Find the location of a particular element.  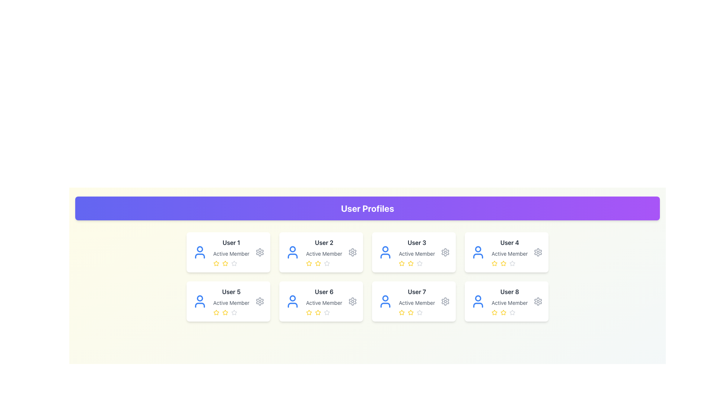

the text label displaying 'Active Member', which is positioned below 'User 8' and above the star rating icons is located at coordinates (509, 303).